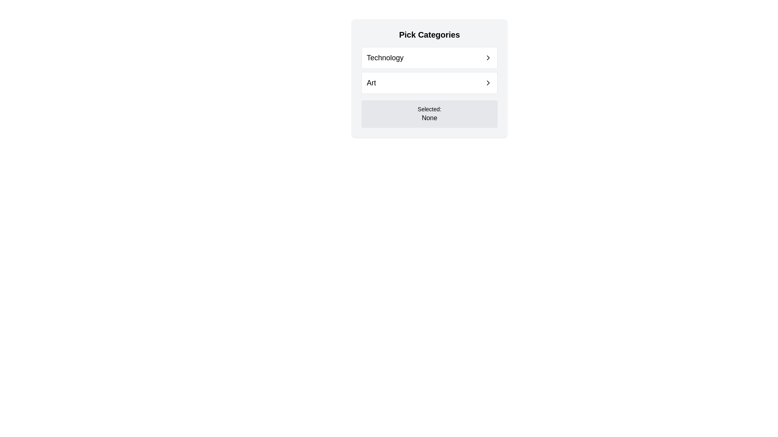 The image size is (778, 437). I want to click on the static text label displaying 'Selected:', which is styled in a small font size and muted color, located within the lower section of a light gray panel, directly above the text 'None', so click(429, 109).